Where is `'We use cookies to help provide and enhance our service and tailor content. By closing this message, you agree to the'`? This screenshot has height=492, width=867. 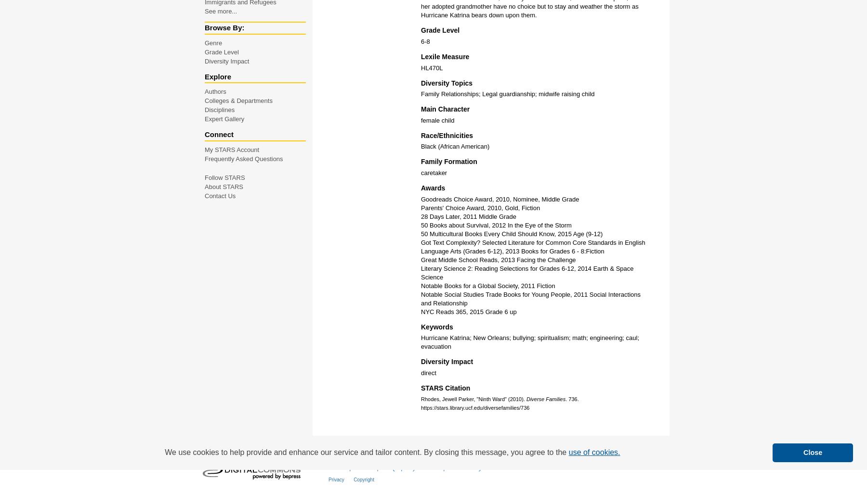 'We use cookies to help provide and enhance our service and tailor content. By closing this message, you agree to the' is located at coordinates (366, 452).